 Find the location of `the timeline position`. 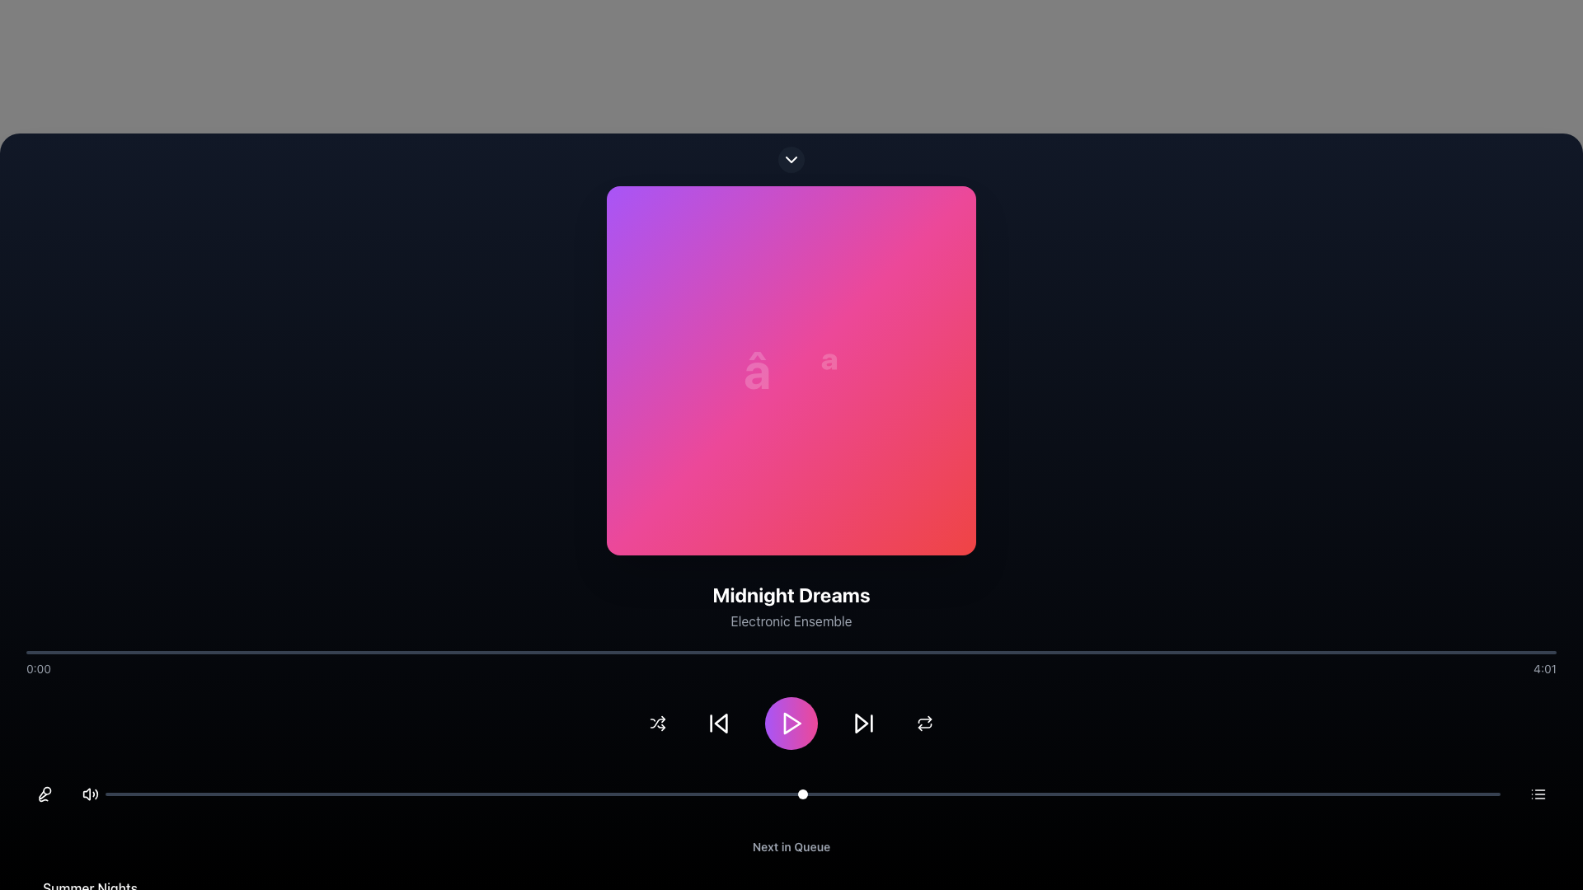

the timeline position is located at coordinates (1388, 794).